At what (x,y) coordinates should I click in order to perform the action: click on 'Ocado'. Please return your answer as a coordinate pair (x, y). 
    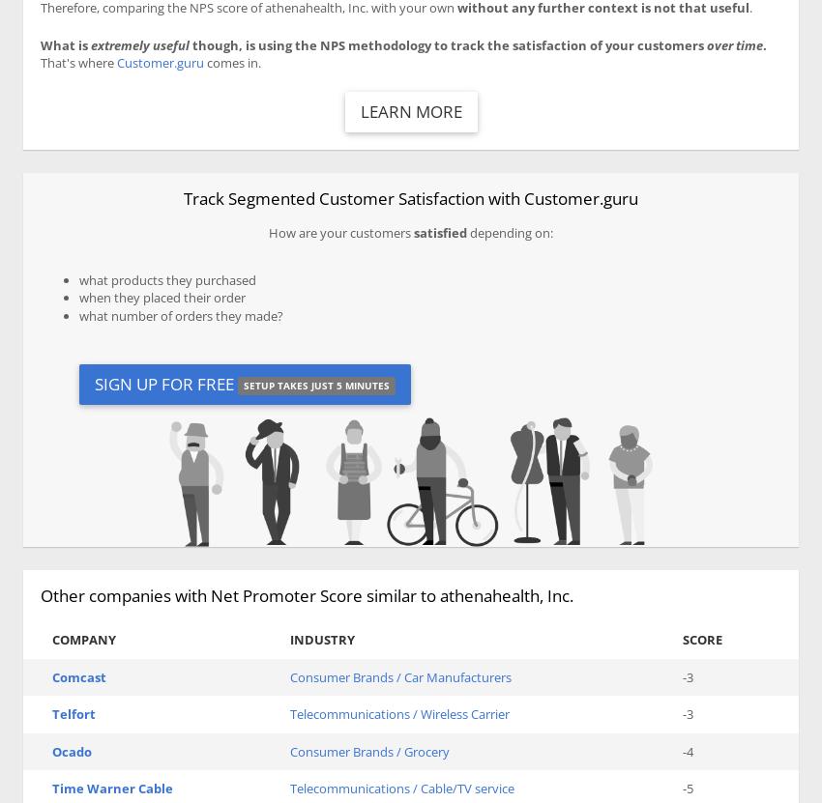
    Looking at the image, I should click on (72, 750).